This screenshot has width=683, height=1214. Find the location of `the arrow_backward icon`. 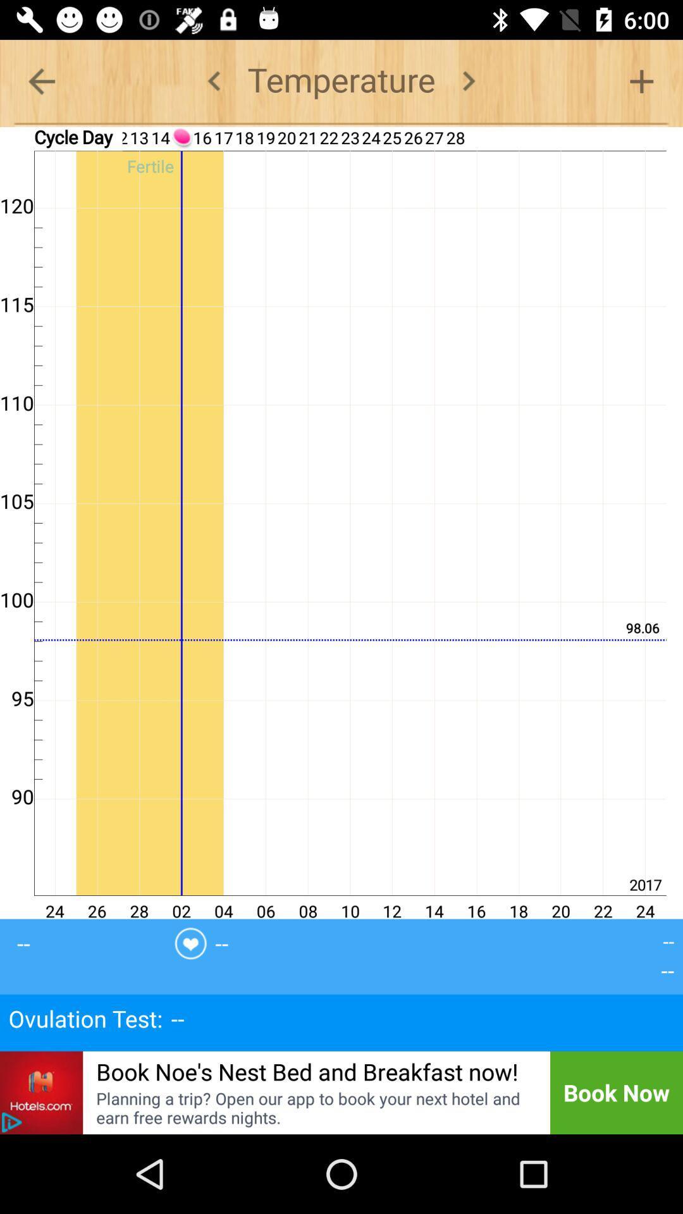

the arrow_backward icon is located at coordinates (214, 80).